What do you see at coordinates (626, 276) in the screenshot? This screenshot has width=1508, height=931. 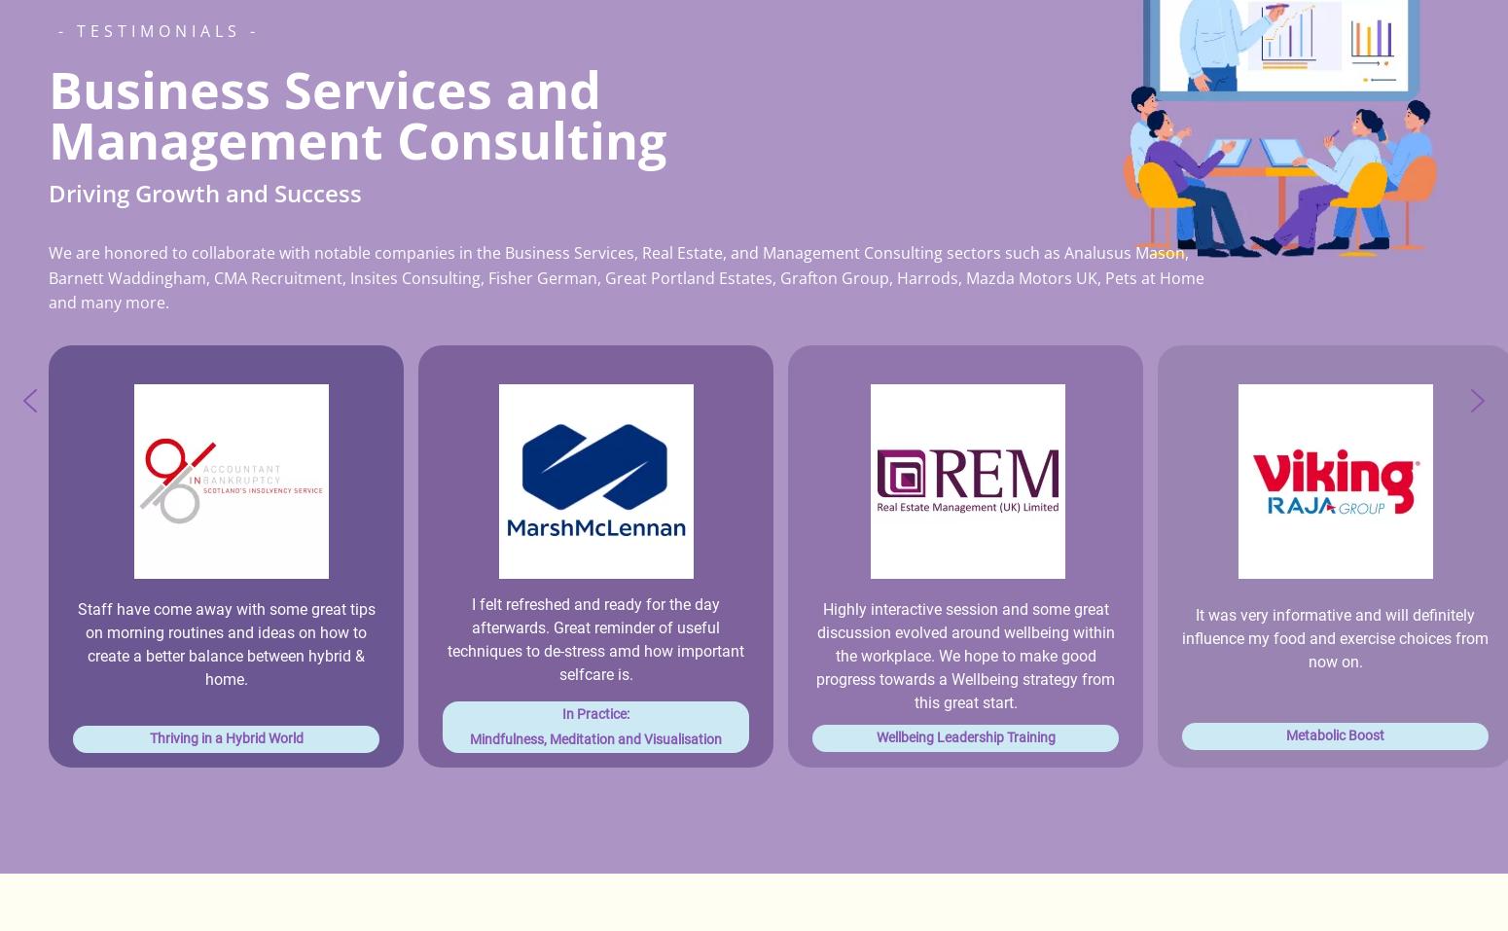 I see `'We are honored to collaborate with notable companies in the Business Services, Real Estate, and Management Consulting sectors such as Analusus Mason, Barnett Waddingham, CMA Recruitment, Insites Consulting, Fisher German, Great Portland Estates, Grafton Group, Harrods, Mazda Motors UK, Pets at Home and many more.'` at bounding box center [626, 276].